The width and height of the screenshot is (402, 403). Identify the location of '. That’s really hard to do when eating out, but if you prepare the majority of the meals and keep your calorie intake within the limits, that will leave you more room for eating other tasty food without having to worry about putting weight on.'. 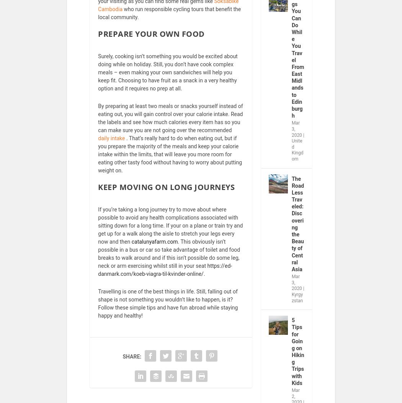
(170, 159).